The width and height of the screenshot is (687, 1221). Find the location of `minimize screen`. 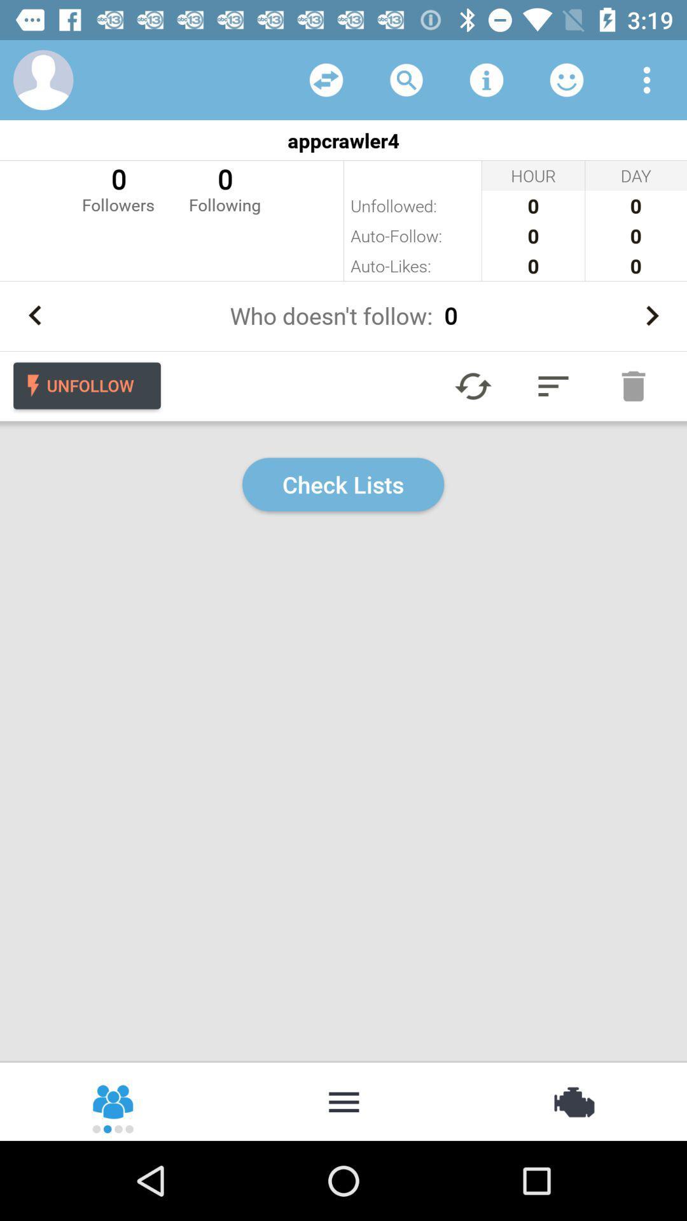

minimize screen is located at coordinates (343, 1100).